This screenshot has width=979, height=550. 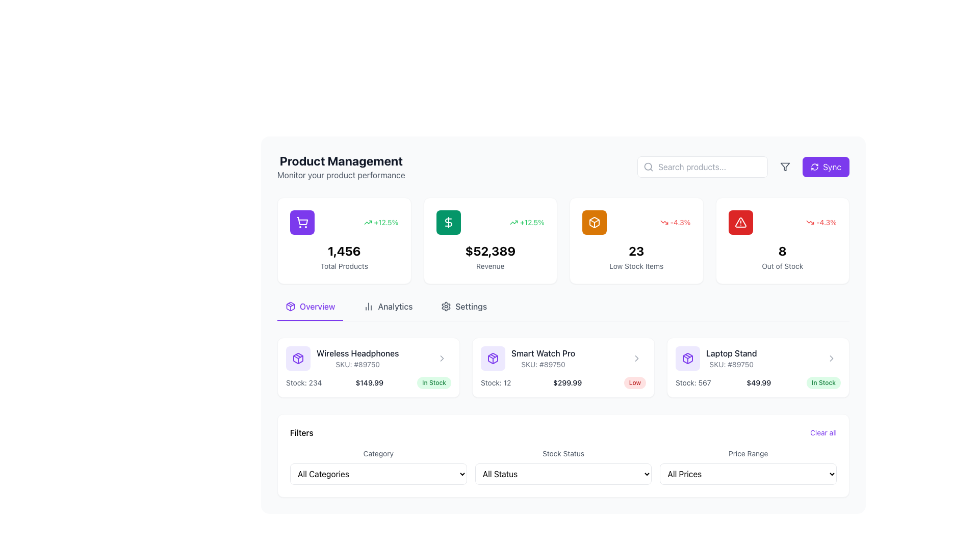 What do you see at coordinates (731, 364) in the screenshot?
I see `the text label displaying the SKU number of the product 'Laptop Stand'` at bounding box center [731, 364].